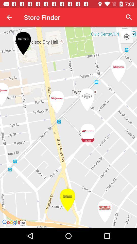 The width and height of the screenshot is (137, 244). Describe the element at coordinates (9, 17) in the screenshot. I see `the app next to store finder icon` at that location.